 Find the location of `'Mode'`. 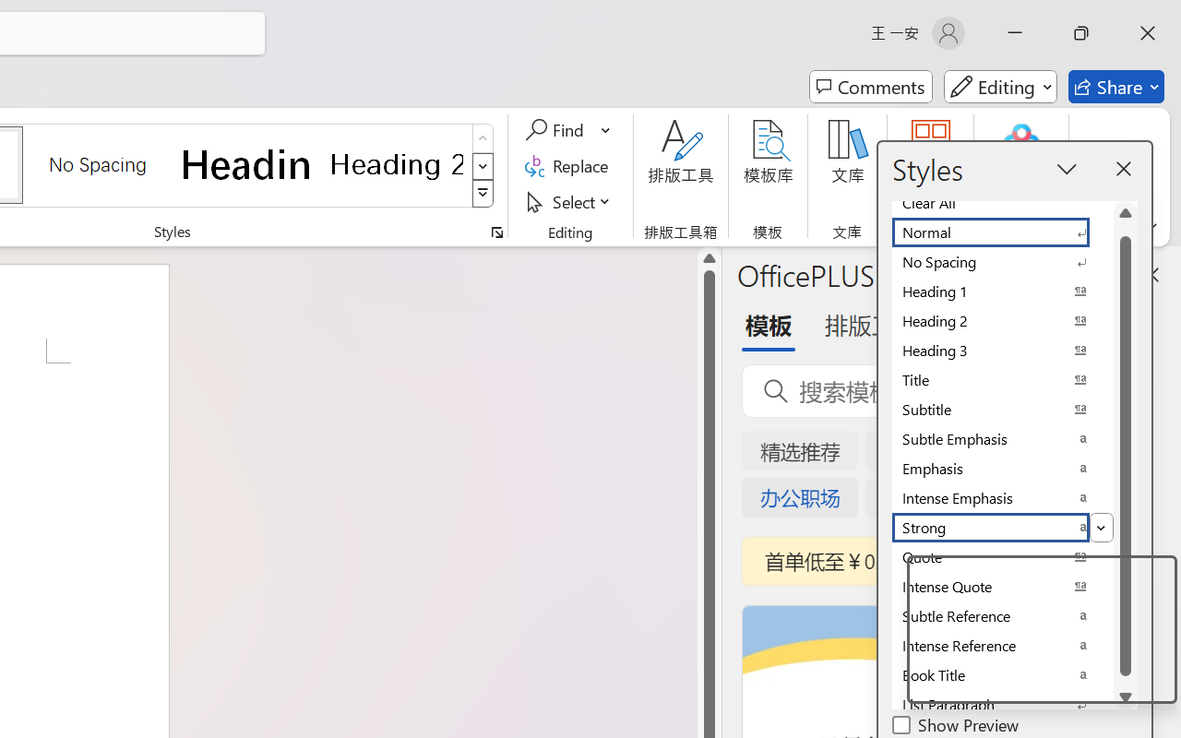

'Mode' is located at coordinates (999, 87).